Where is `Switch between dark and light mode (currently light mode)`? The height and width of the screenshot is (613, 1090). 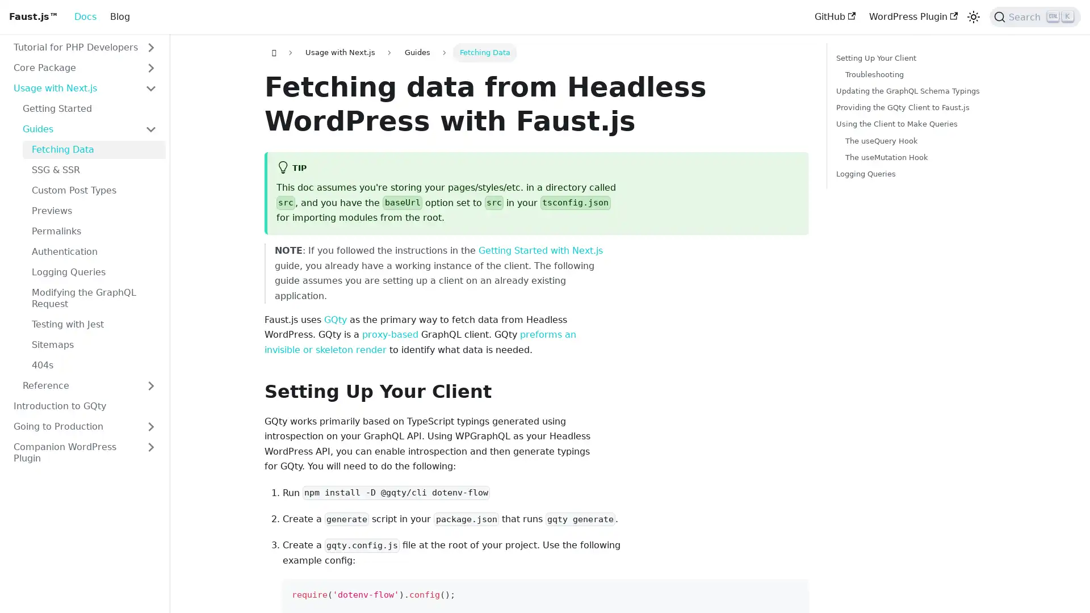
Switch between dark and light mode (currently light mode) is located at coordinates (972, 17).